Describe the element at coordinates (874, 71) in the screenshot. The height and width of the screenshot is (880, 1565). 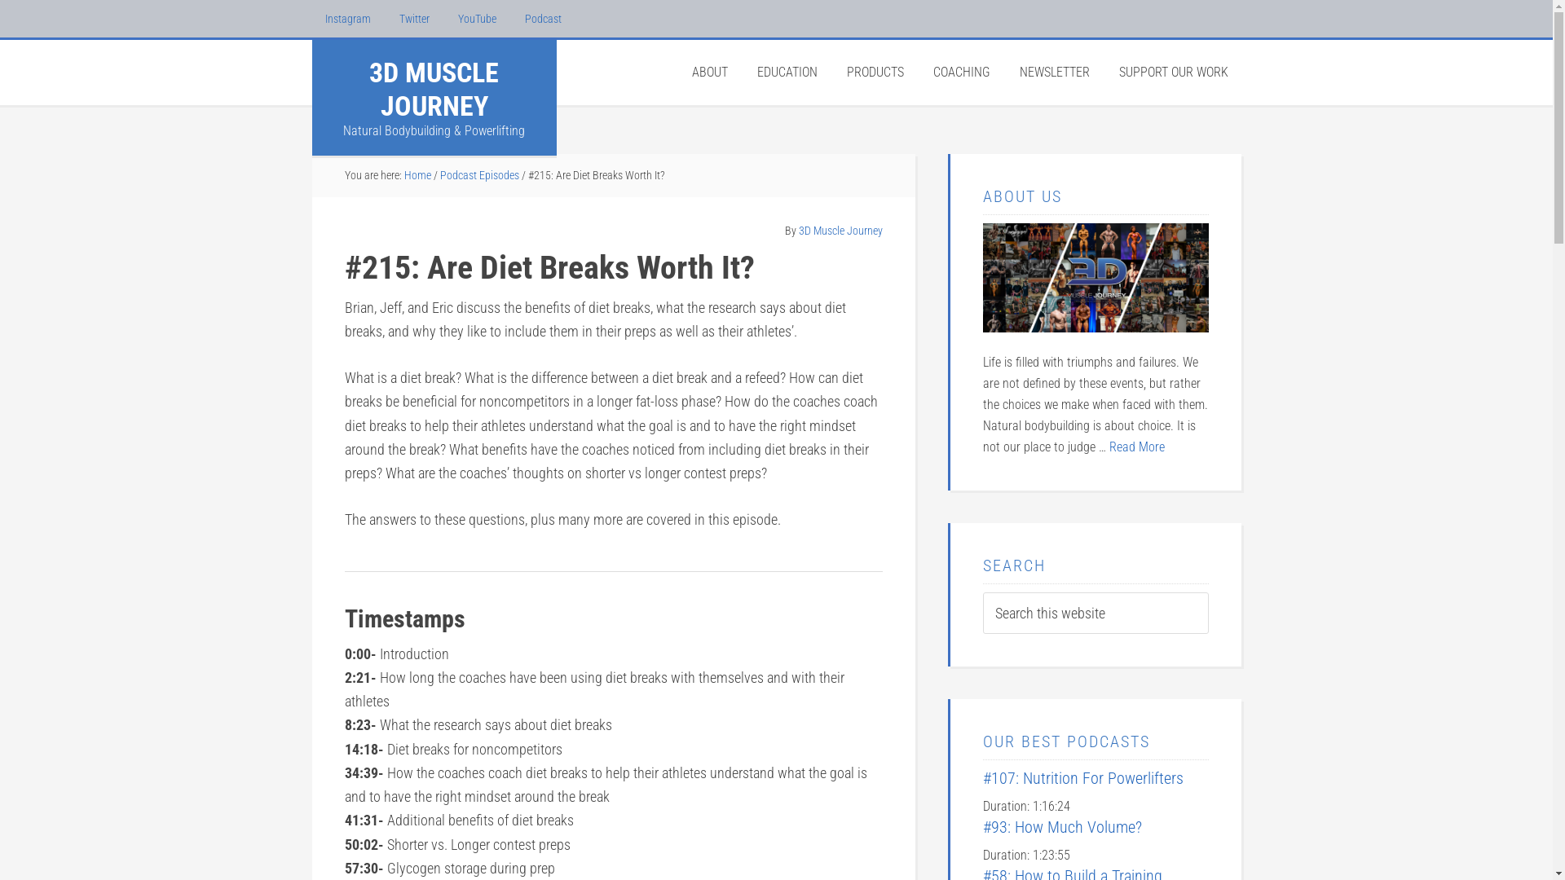
I see `'PRODUCTS'` at that location.